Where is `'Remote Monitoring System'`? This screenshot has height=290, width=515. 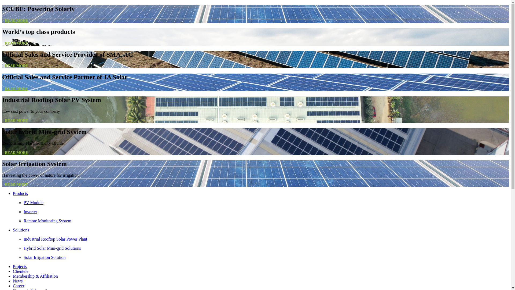 'Remote Monitoring System' is located at coordinates (266, 221).